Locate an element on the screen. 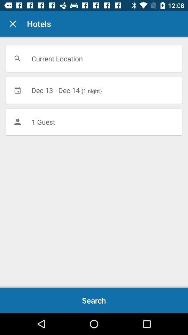  current location is located at coordinates (94, 58).